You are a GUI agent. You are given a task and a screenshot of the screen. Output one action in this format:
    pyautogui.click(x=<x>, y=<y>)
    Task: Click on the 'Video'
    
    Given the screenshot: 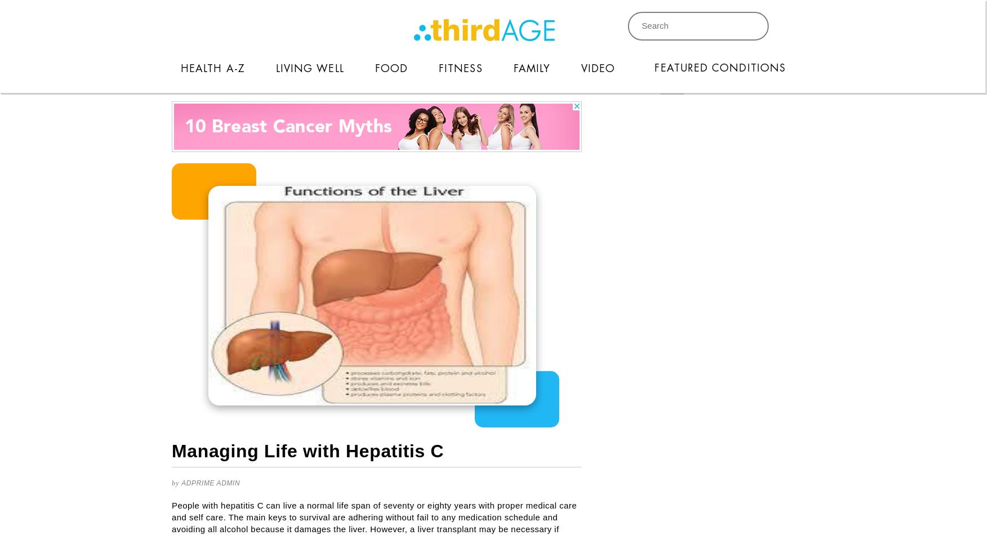 What is the action you would take?
    pyautogui.click(x=598, y=68)
    